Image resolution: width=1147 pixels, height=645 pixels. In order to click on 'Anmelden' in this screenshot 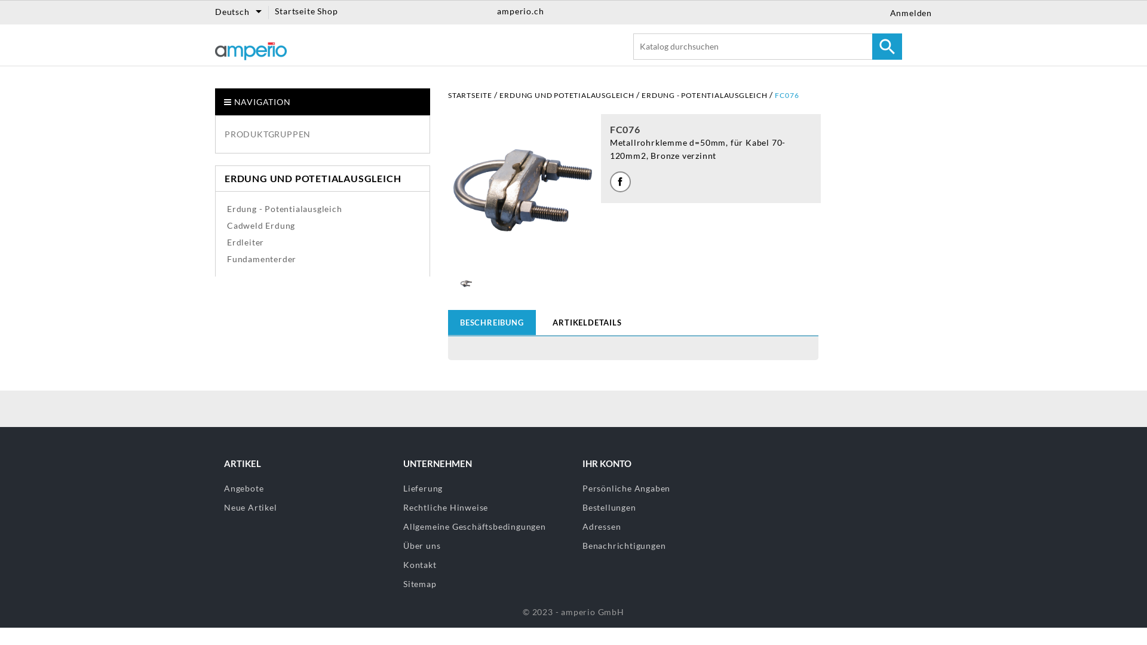, I will do `click(908, 13)`.